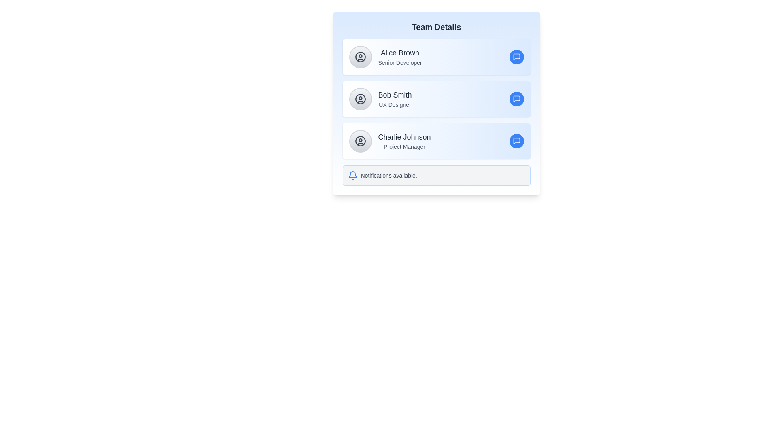  I want to click on the static text label displaying the name 'Bob Smith' in the team details component, which is the top item in the middle card of a list of three cards, so click(395, 95).